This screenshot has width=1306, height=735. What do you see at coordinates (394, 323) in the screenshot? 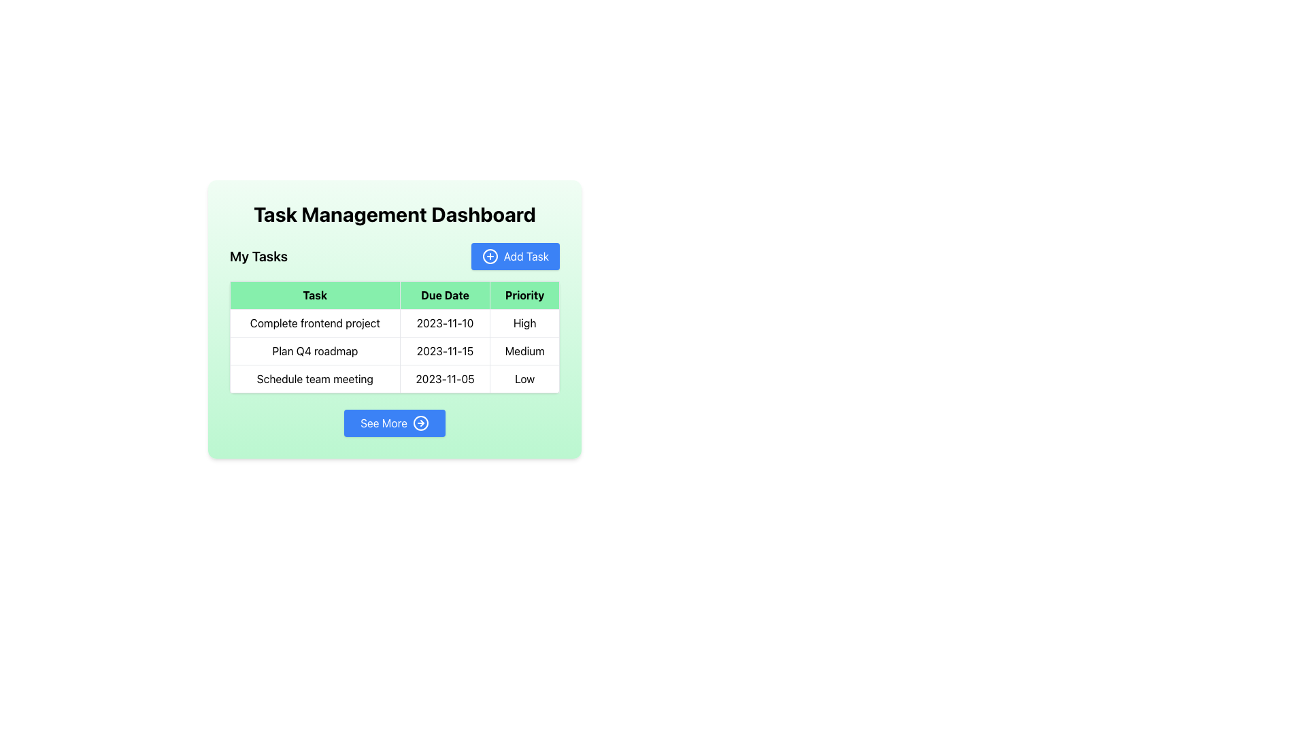
I see `the first row of the task management dashboard table that contains the task 'Complete frontend project', due date '2023-11-10', and priority 'High'` at bounding box center [394, 323].